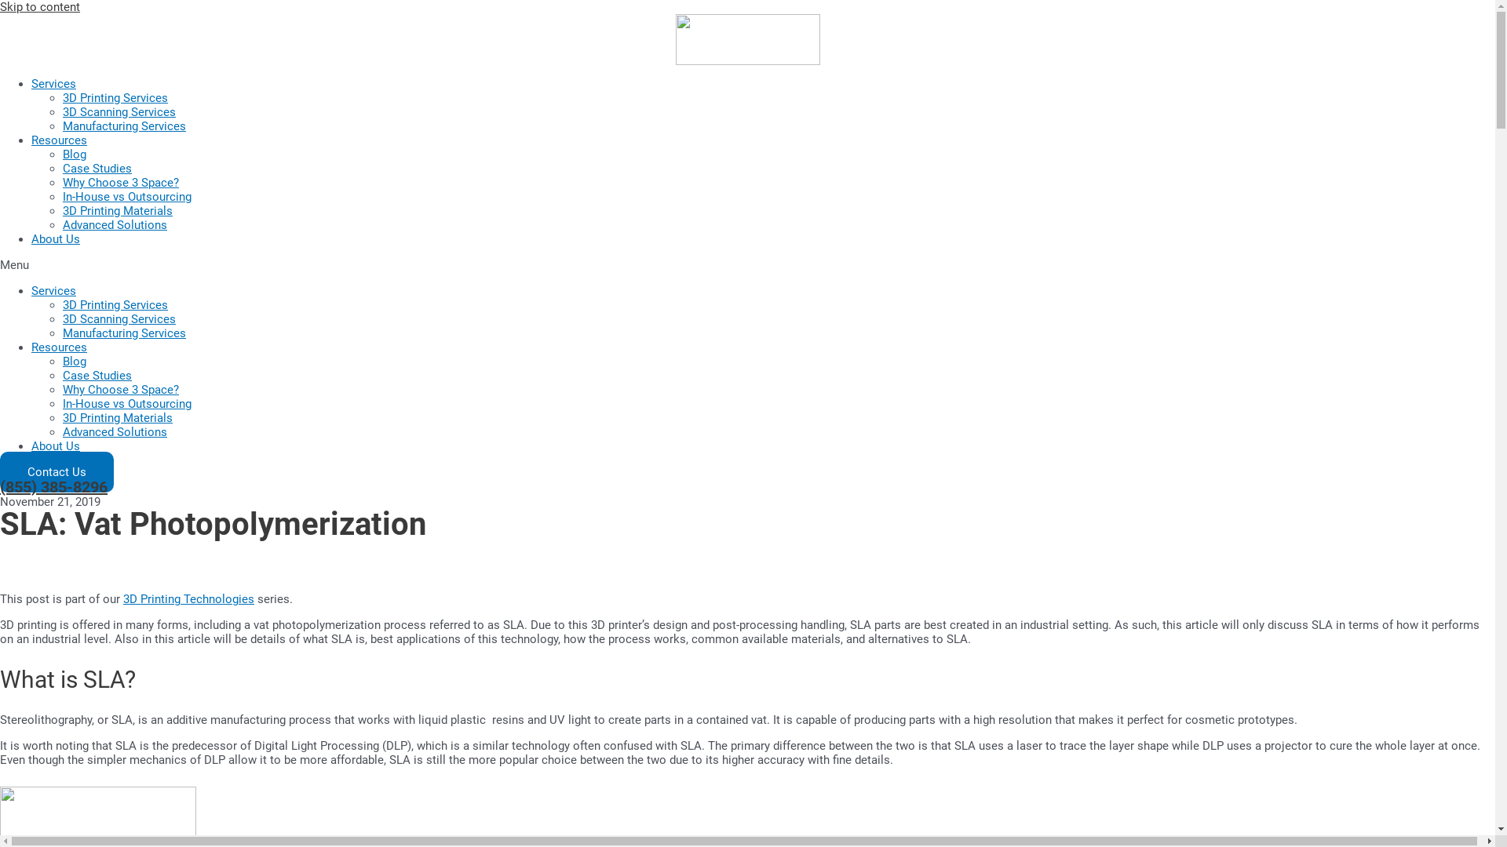 Image resolution: width=1507 pixels, height=847 pixels. Describe the element at coordinates (63, 195) in the screenshot. I see `'In-House vs Outsourcing'` at that location.